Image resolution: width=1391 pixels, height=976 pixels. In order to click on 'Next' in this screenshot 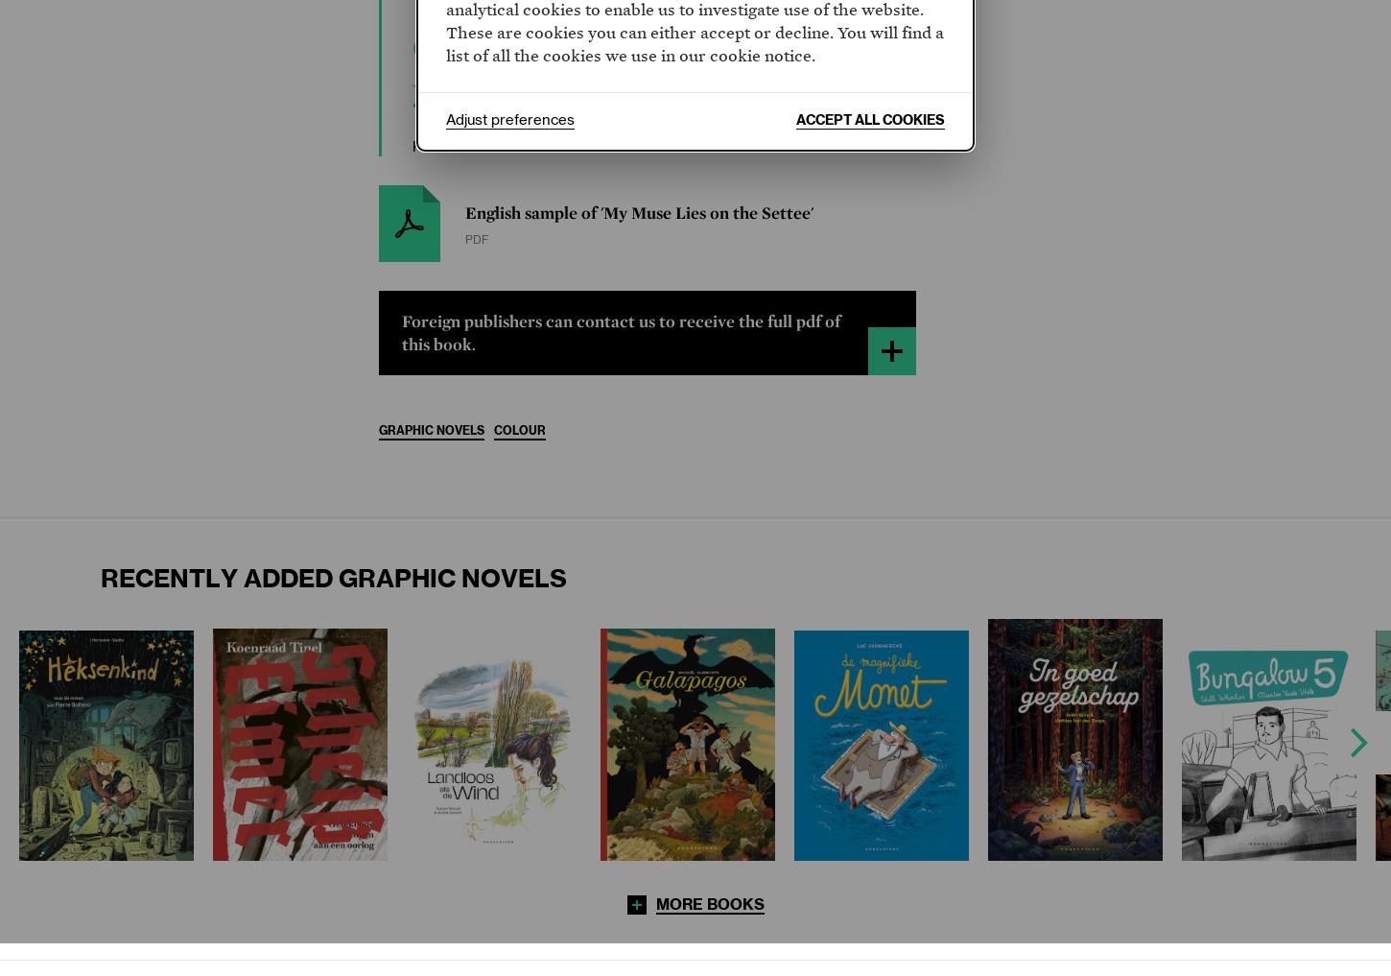, I will do `click(1357, 742)`.